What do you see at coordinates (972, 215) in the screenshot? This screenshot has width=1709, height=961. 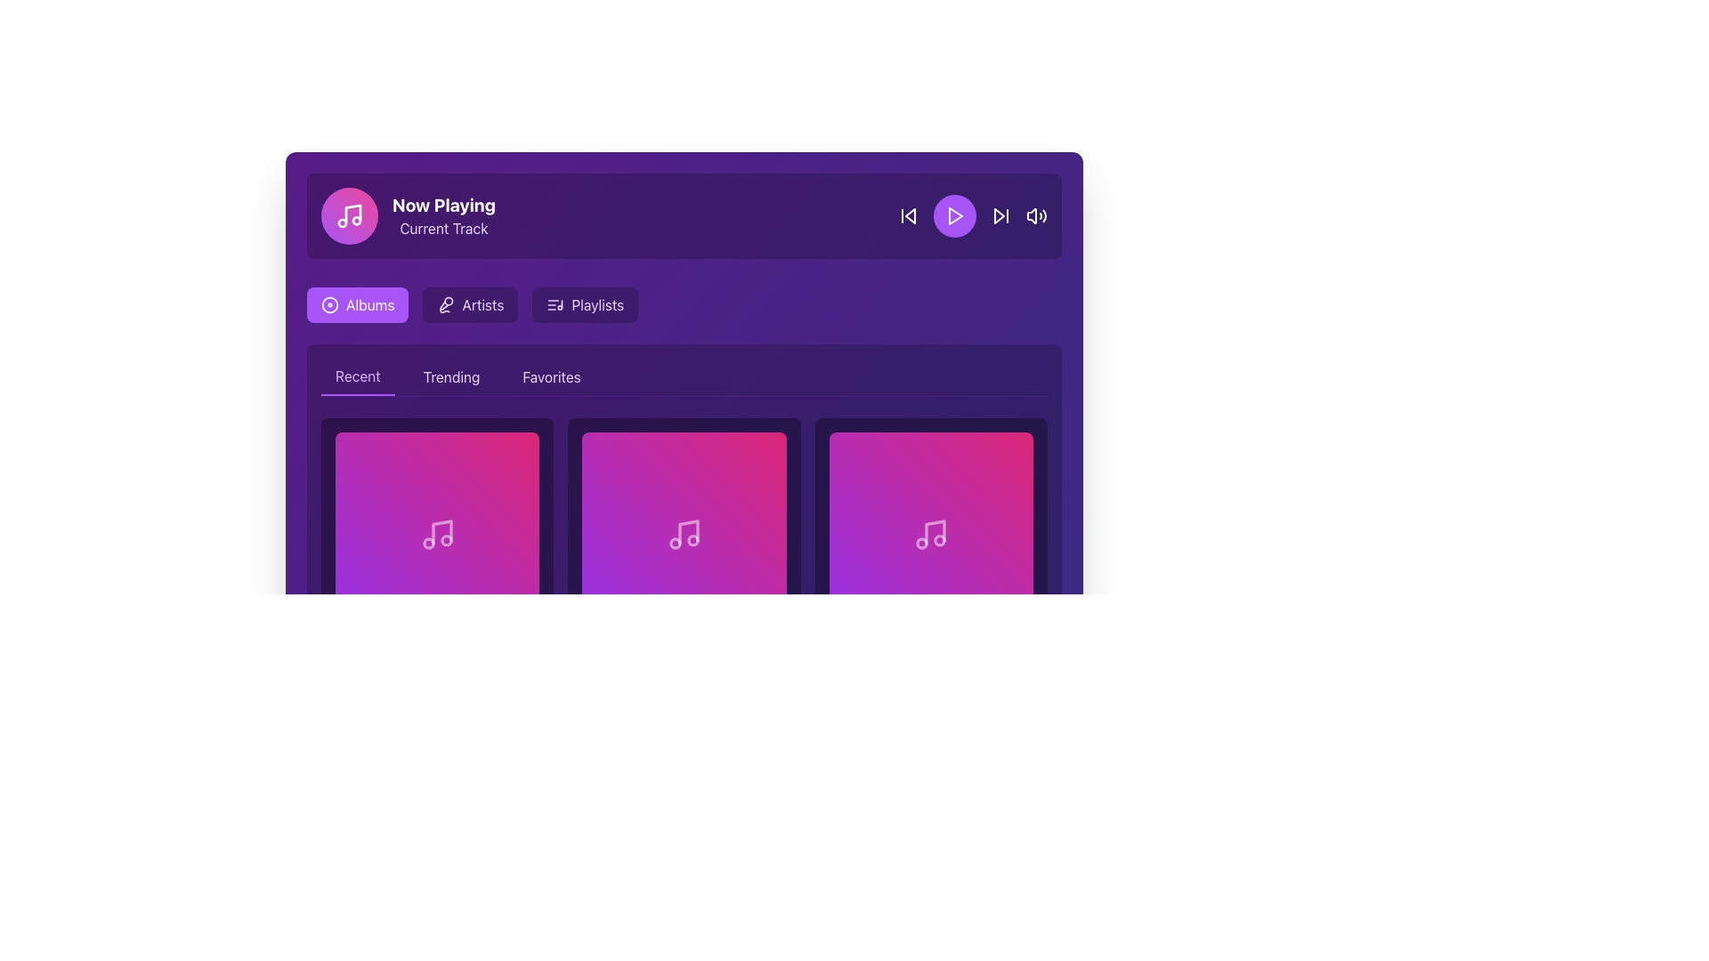 I see `the circular play button with a purple background and white play icon` at bounding box center [972, 215].